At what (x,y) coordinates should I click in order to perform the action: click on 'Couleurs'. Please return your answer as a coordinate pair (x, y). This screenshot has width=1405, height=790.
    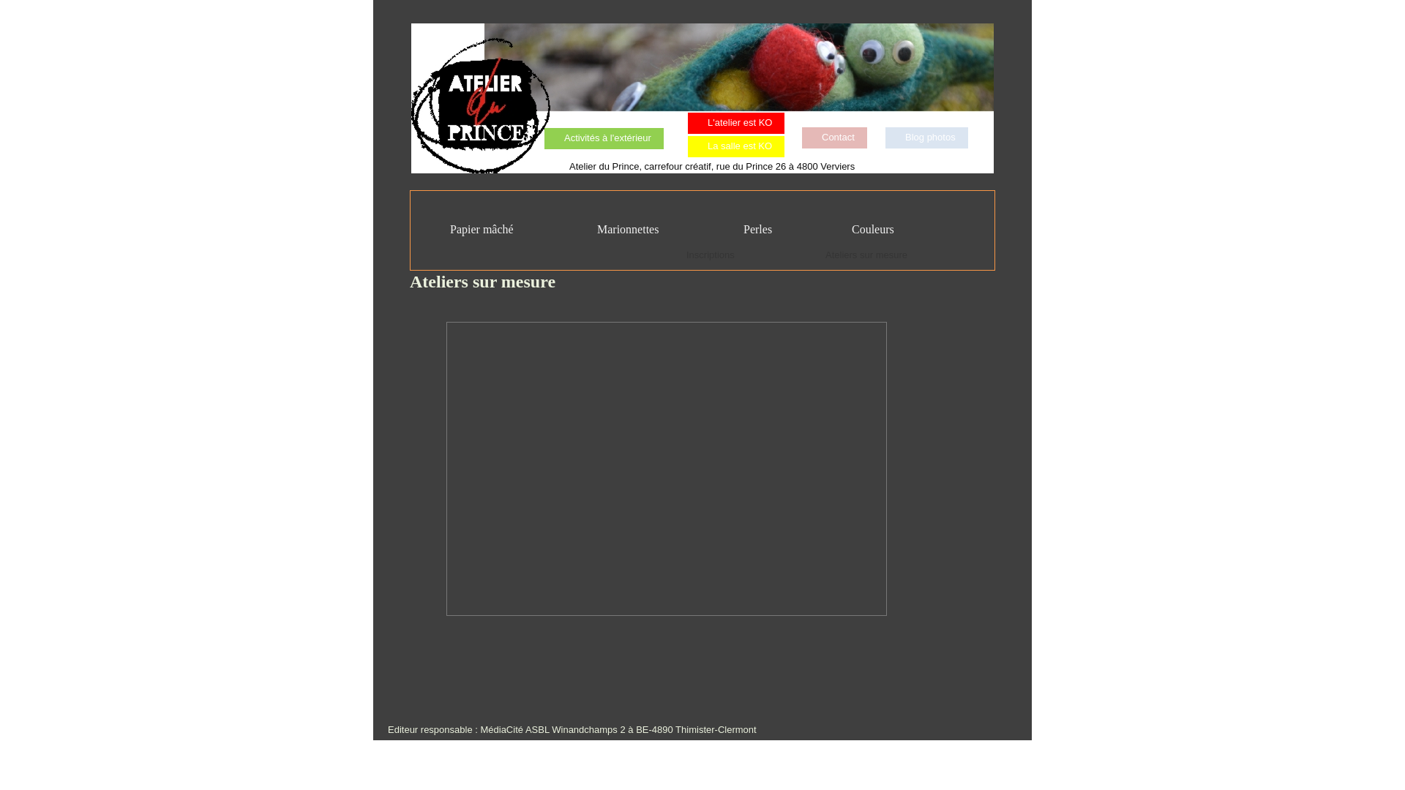
    Looking at the image, I should click on (863, 229).